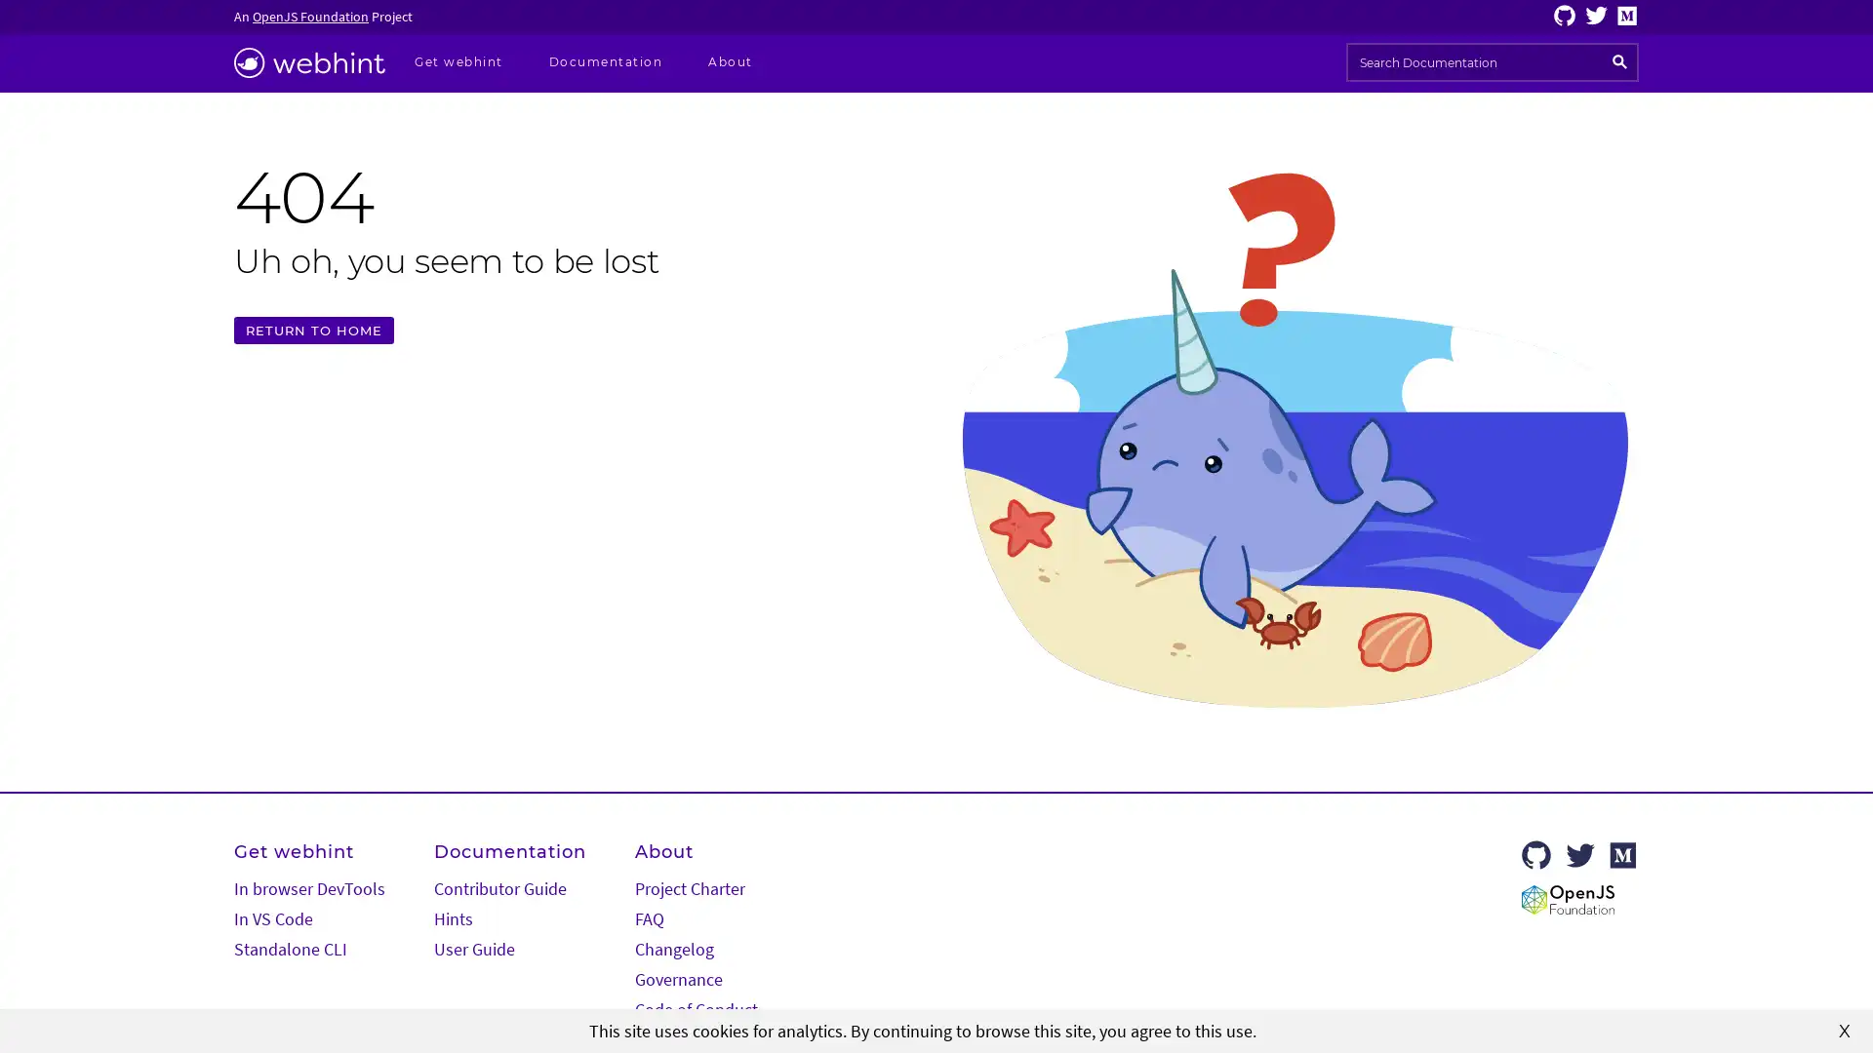  I want to click on search, so click(1619, 61).